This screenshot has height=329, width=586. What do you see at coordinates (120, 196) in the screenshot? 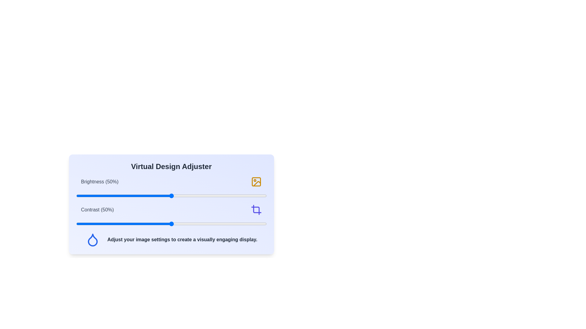
I see `the brightness slider to 23%` at bounding box center [120, 196].